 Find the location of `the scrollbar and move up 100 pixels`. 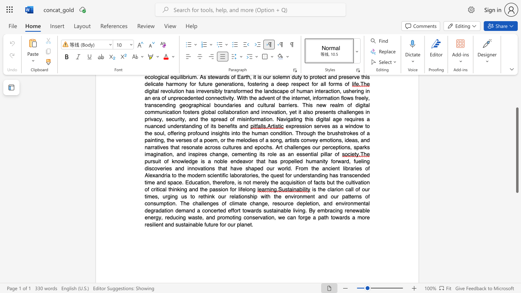

the scrollbar and move up 100 pixels is located at coordinates (517, 150).